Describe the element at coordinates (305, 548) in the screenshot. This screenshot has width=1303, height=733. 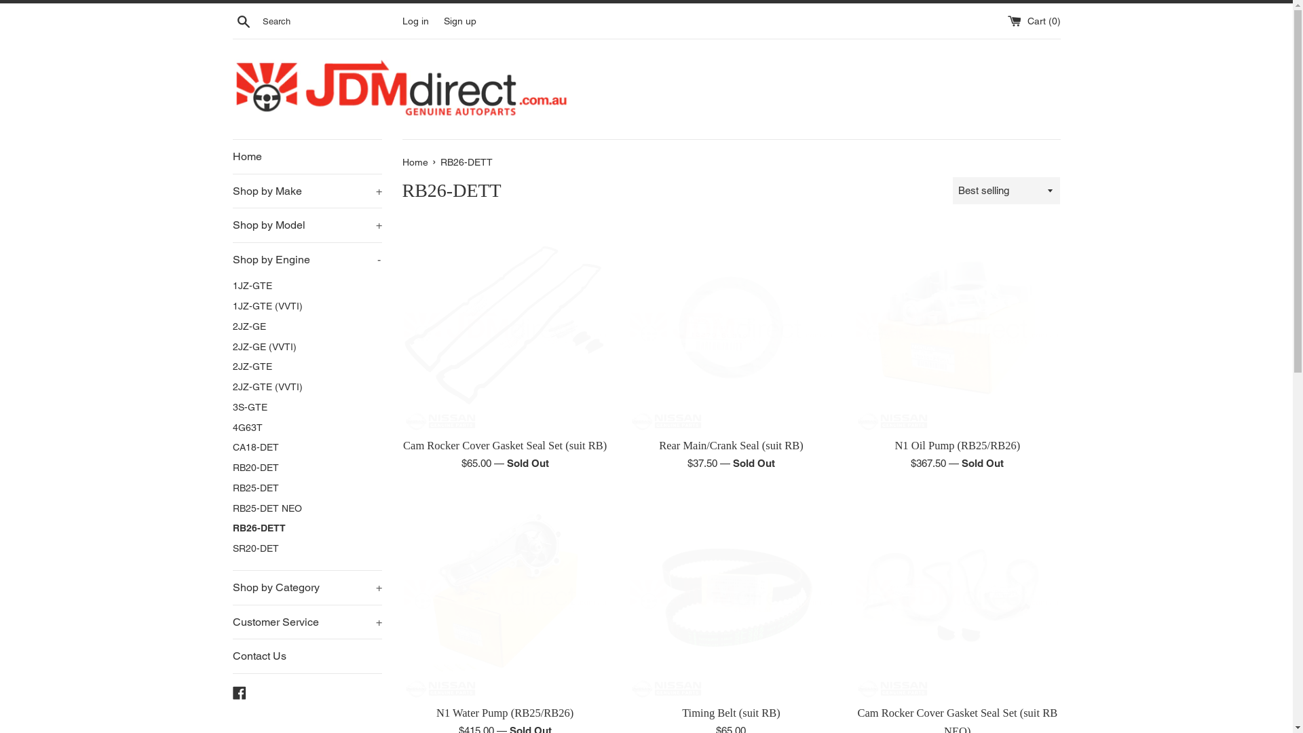
I see `'SR20-DET'` at that location.